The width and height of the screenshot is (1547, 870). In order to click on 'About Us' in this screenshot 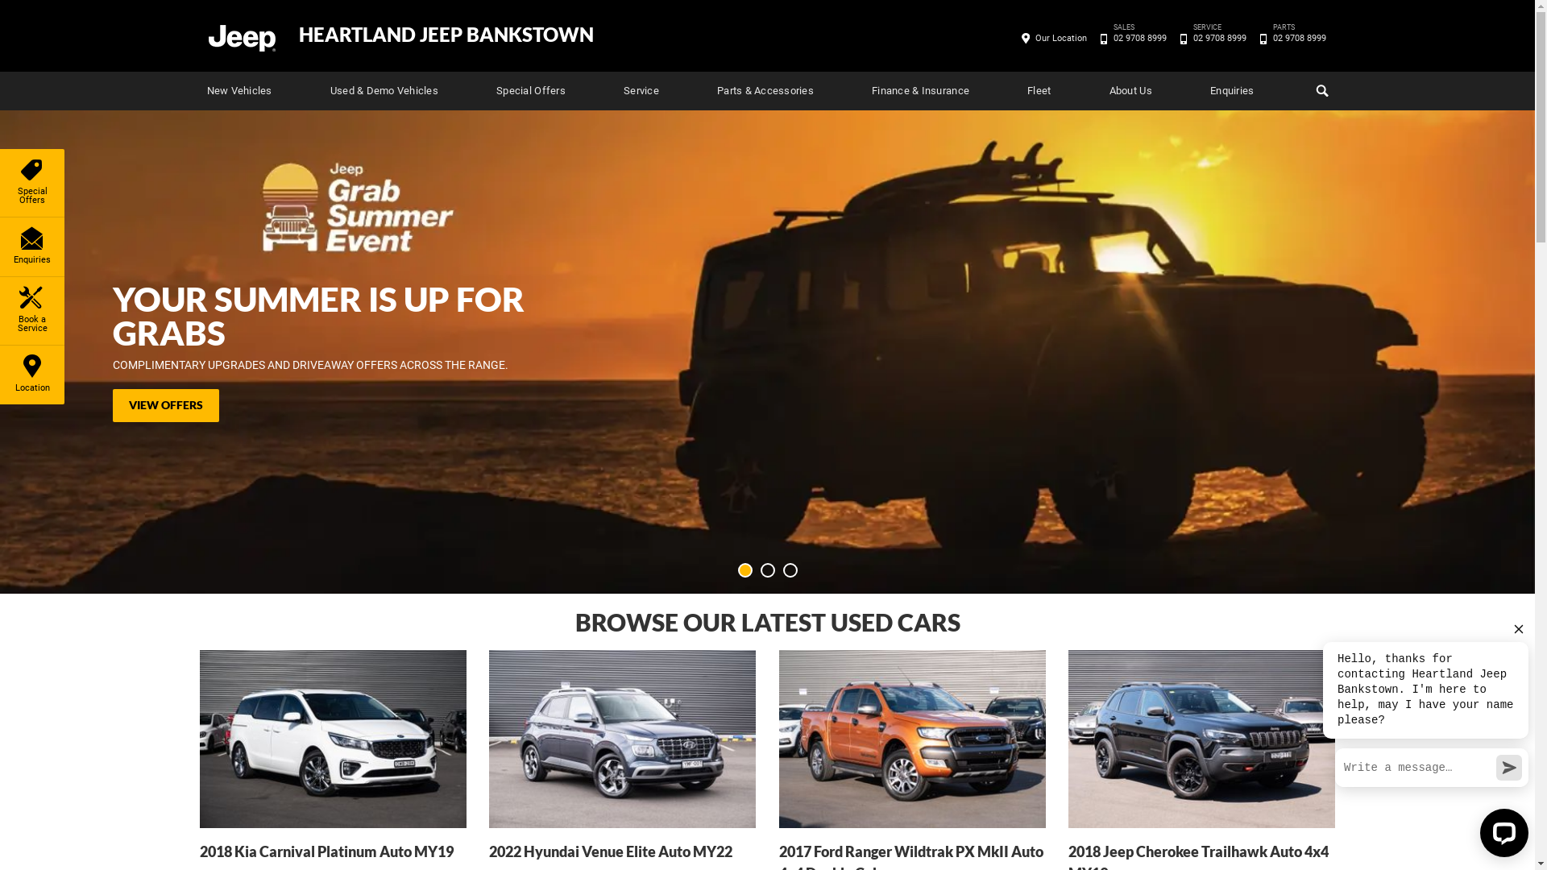, I will do `click(1130, 90)`.